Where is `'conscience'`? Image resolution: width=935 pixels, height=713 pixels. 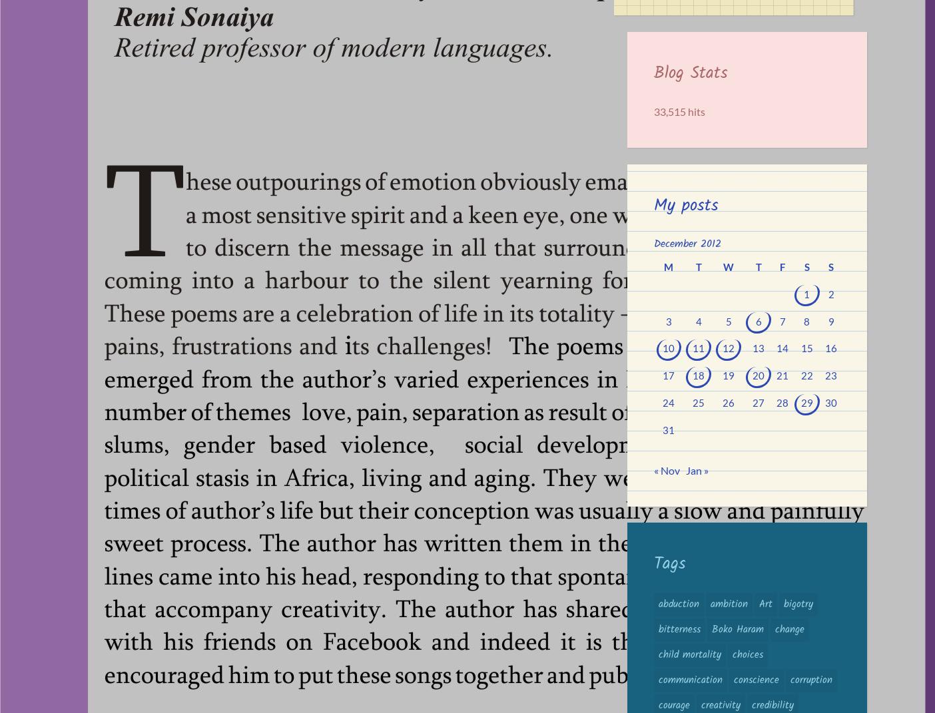 'conscience' is located at coordinates (755, 679).